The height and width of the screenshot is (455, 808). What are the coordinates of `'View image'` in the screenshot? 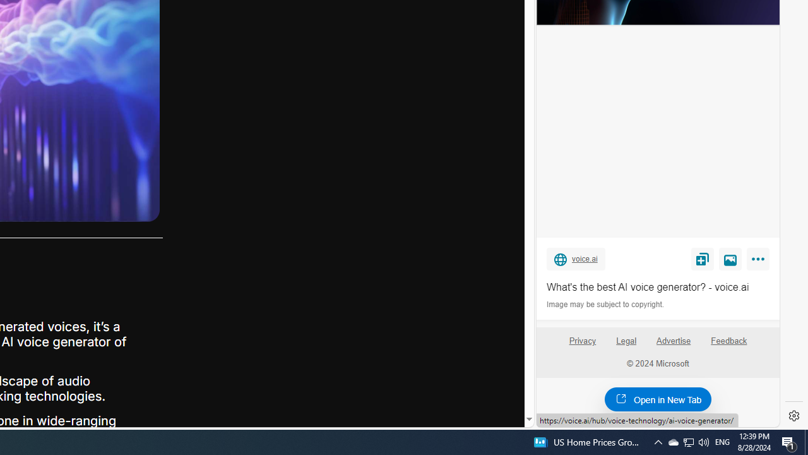 It's located at (730, 258).